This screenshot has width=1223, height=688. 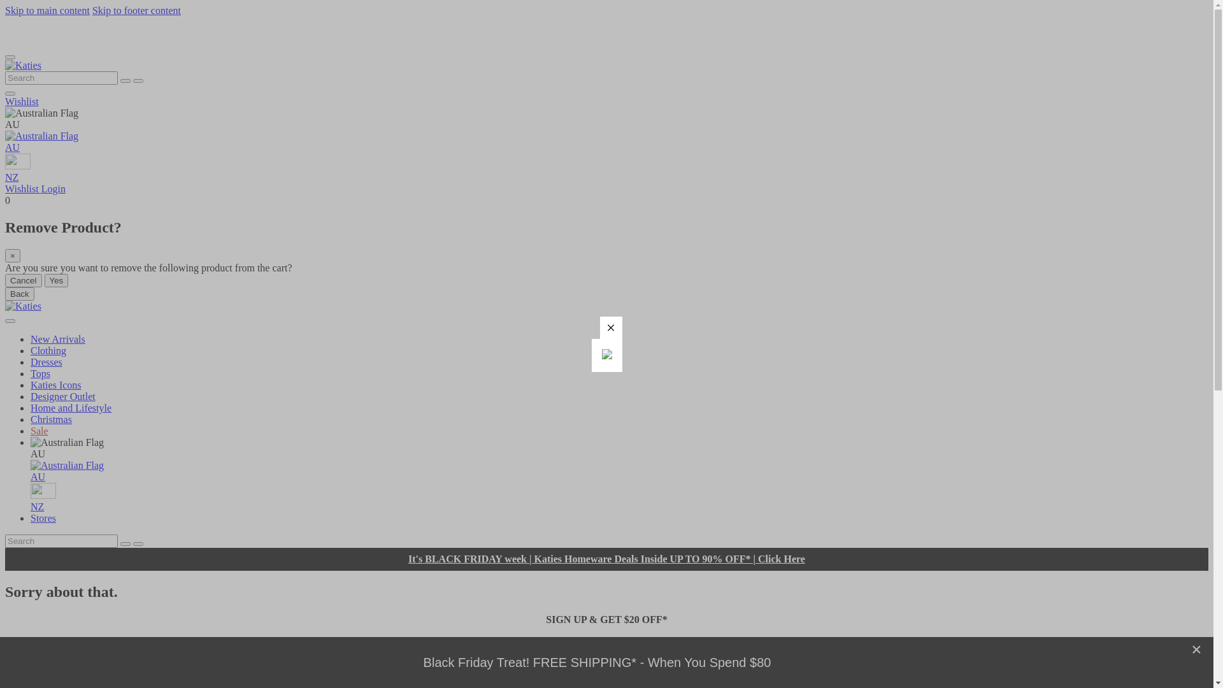 I want to click on 'New Arrivals', so click(x=31, y=338).